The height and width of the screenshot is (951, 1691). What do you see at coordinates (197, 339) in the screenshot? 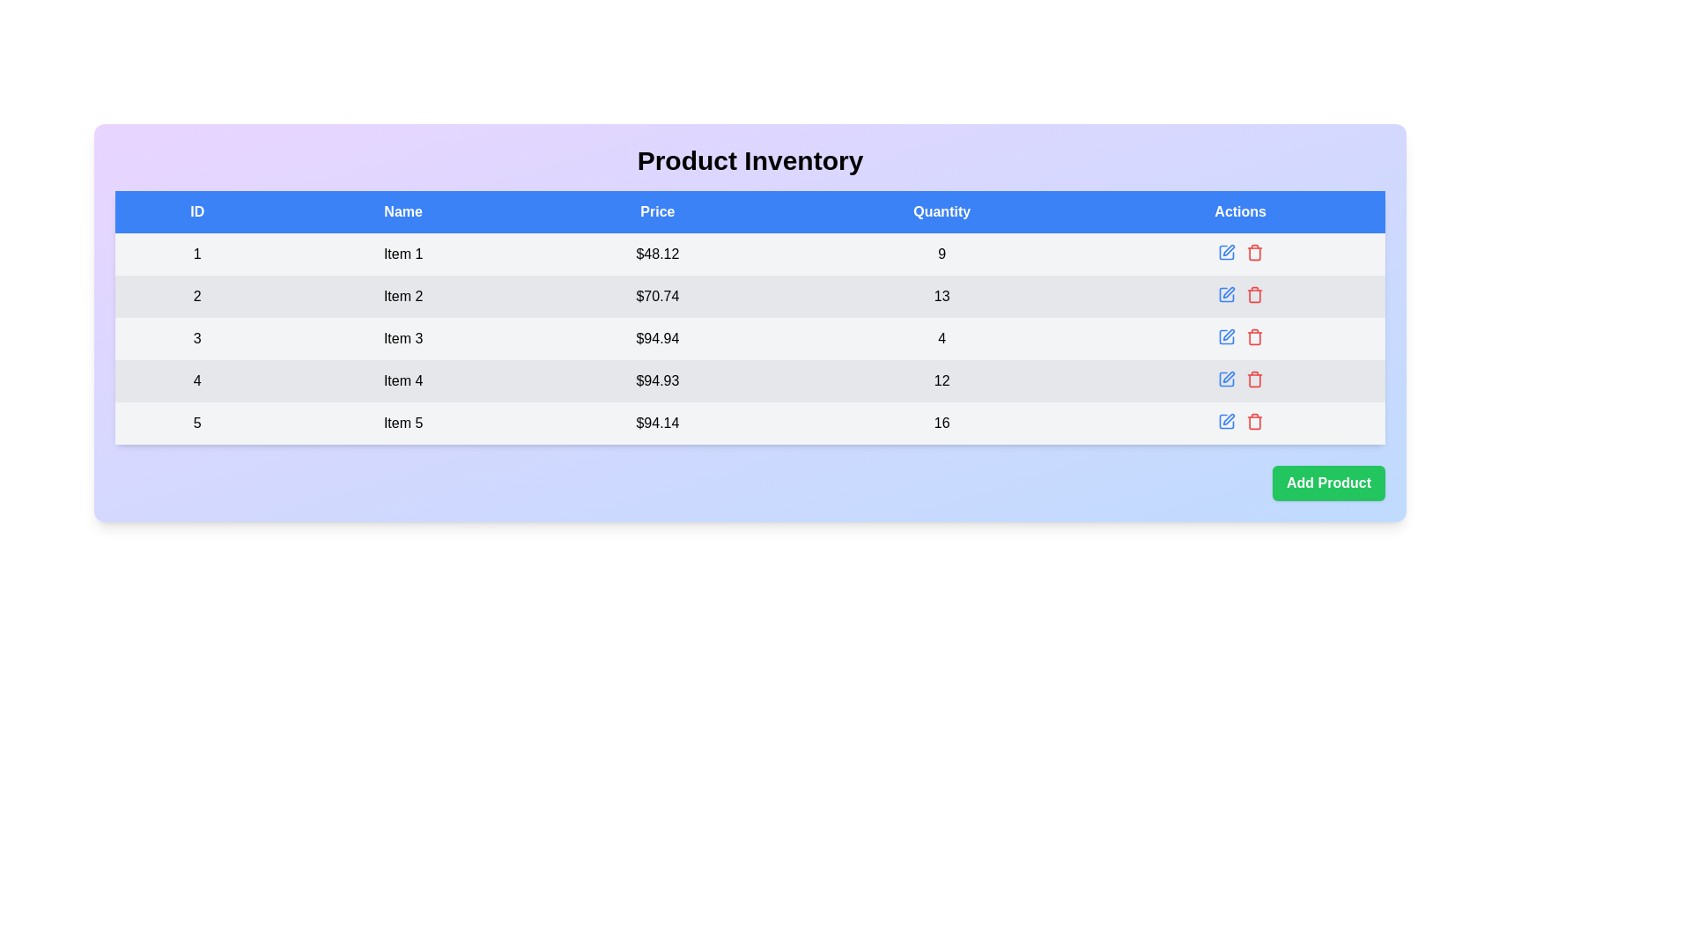
I see `the table cell containing the static number '3' styled with padding and located in the ID column of the data table` at bounding box center [197, 339].